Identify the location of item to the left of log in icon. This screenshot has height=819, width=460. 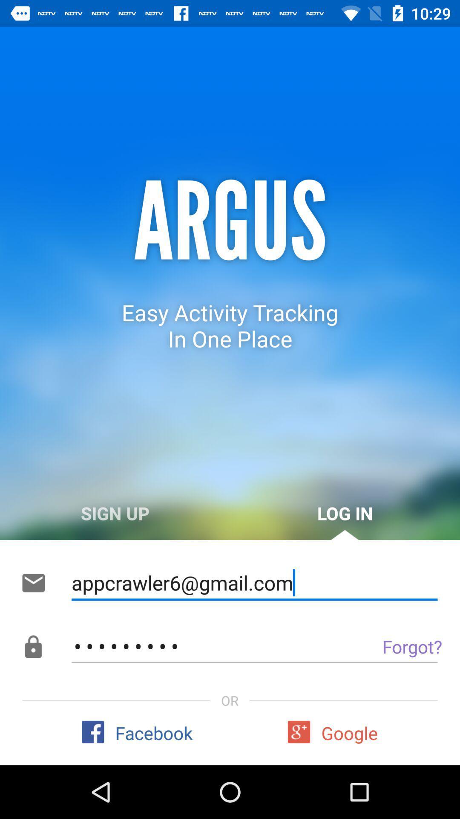
(115, 513).